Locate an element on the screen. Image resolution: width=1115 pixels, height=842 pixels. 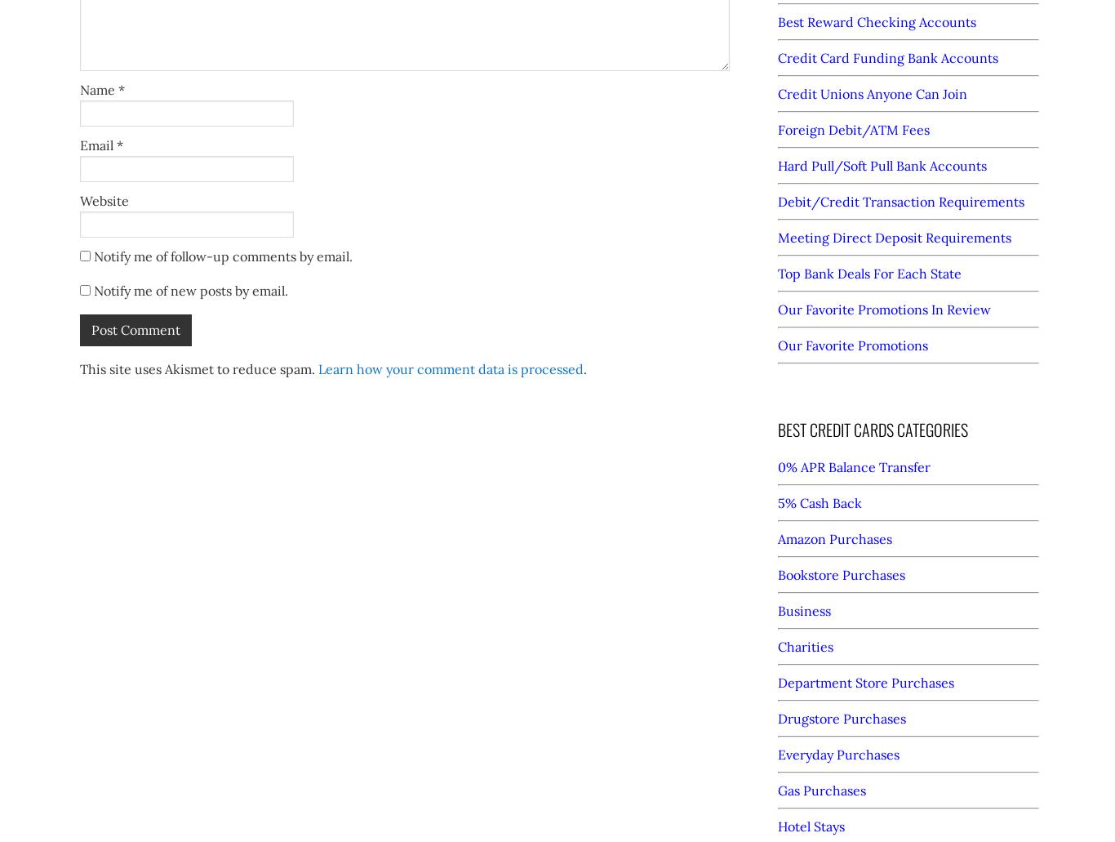
'Website' is located at coordinates (103, 200).